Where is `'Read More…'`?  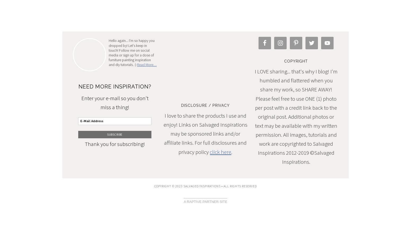 'Read More…' is located at coordinates (147, 64).